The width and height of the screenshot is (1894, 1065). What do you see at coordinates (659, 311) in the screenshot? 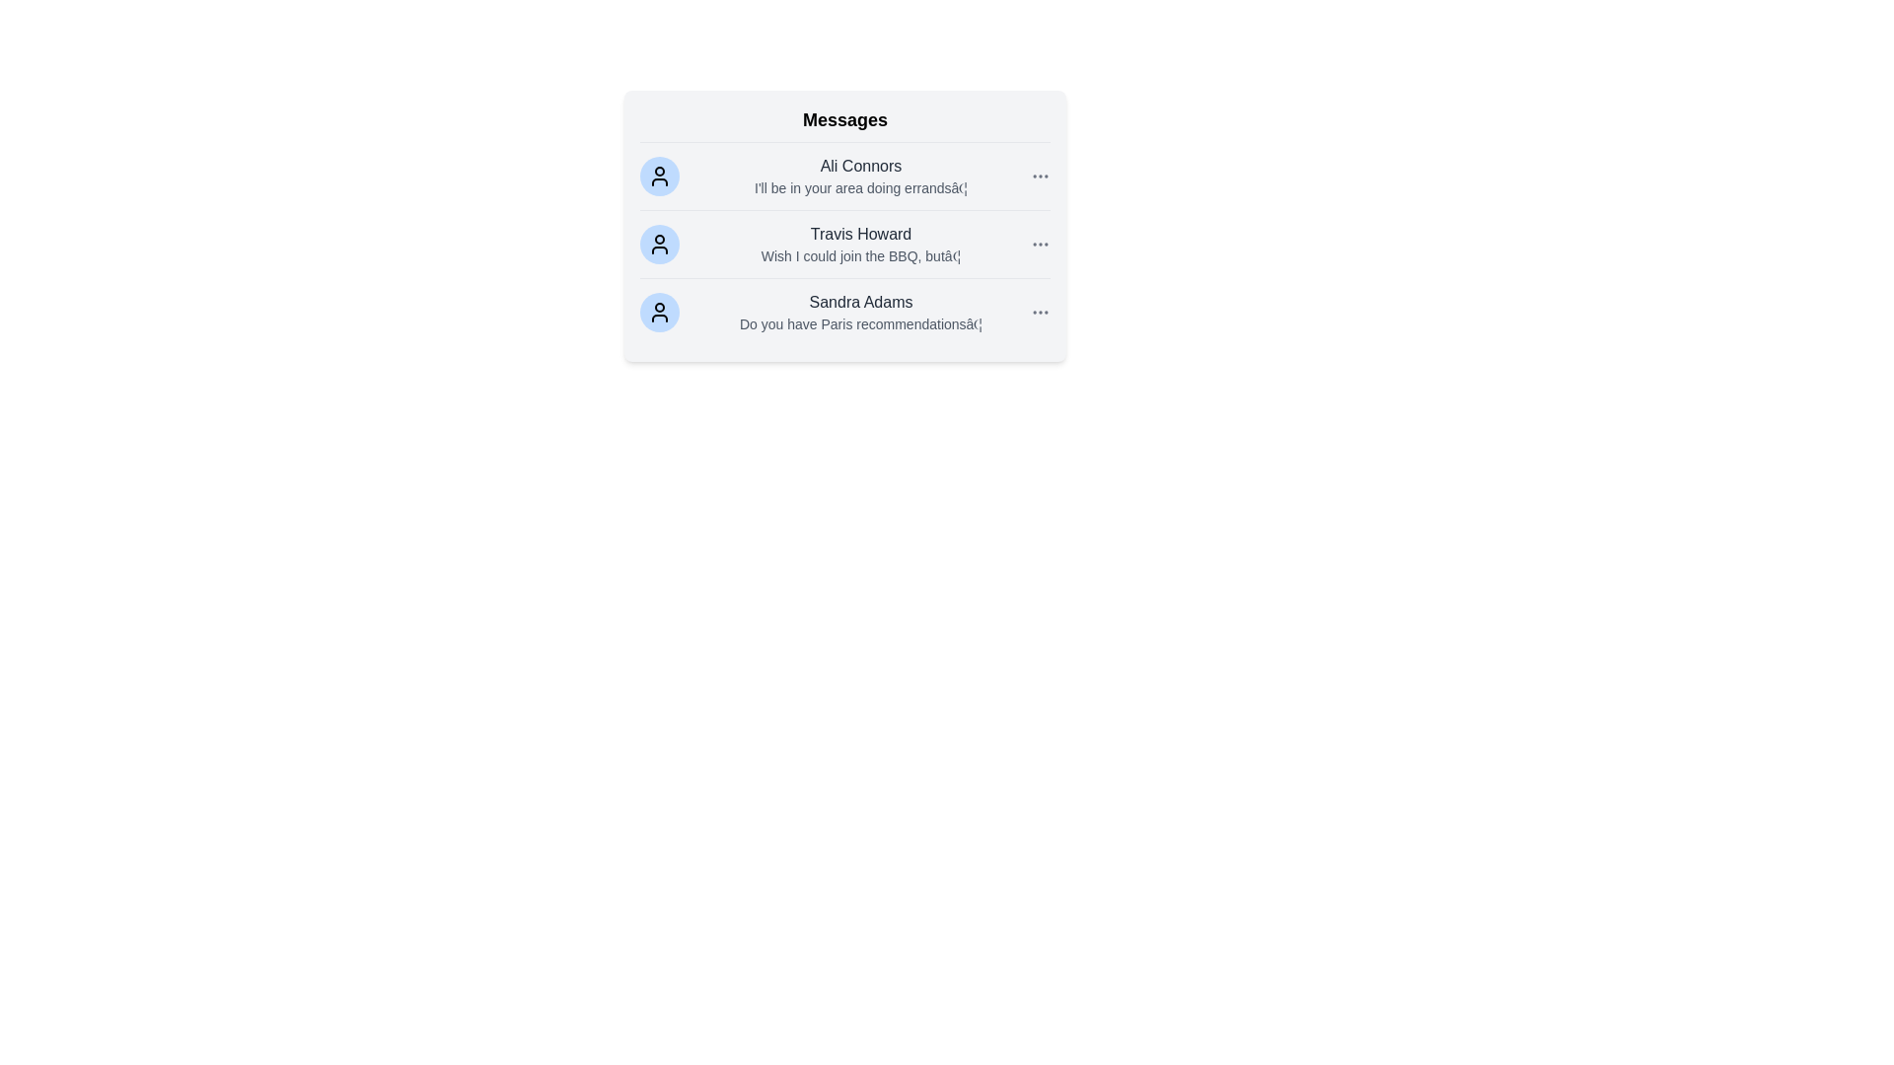
I see `the user profile icon, which is a circular icon with a black stroke representing a person, located in the third row of a list inside a card, next to the name 'Sandra Adams'` at bounding box center [659, 311].